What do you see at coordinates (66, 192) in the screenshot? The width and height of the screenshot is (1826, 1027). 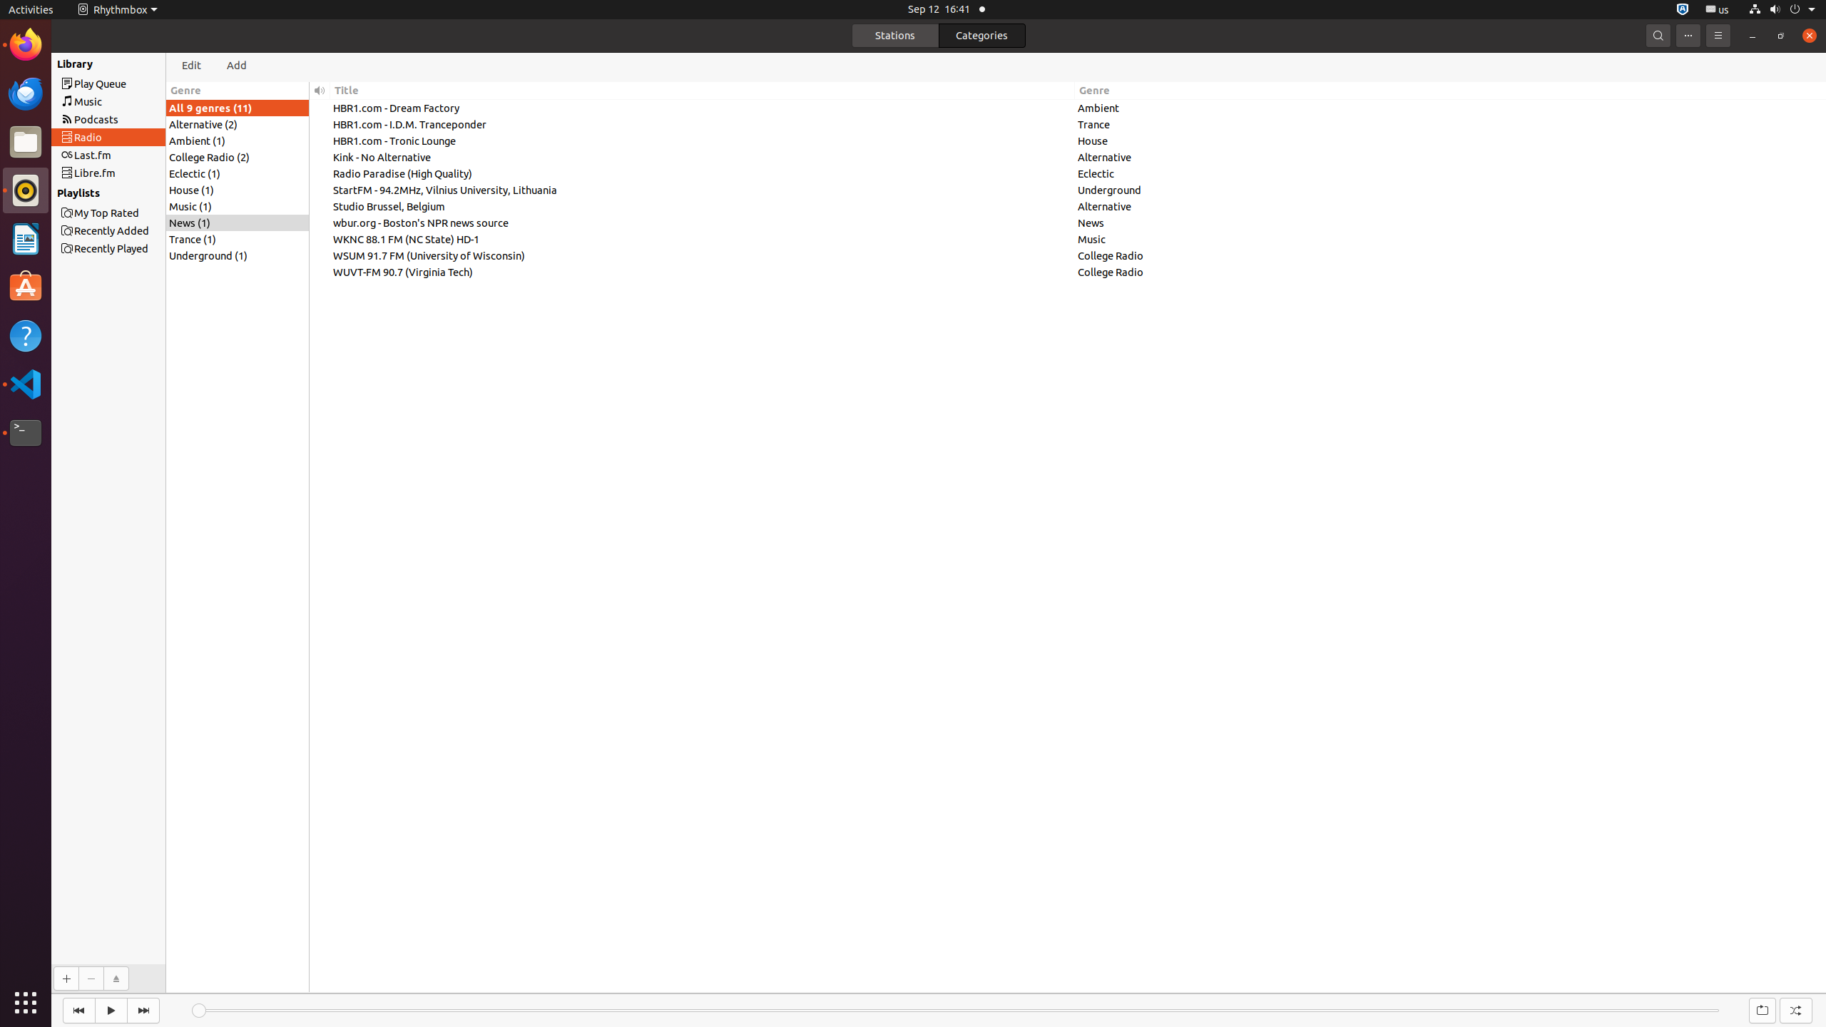 I see `'Playlists'` at bounding box center [66, 192].